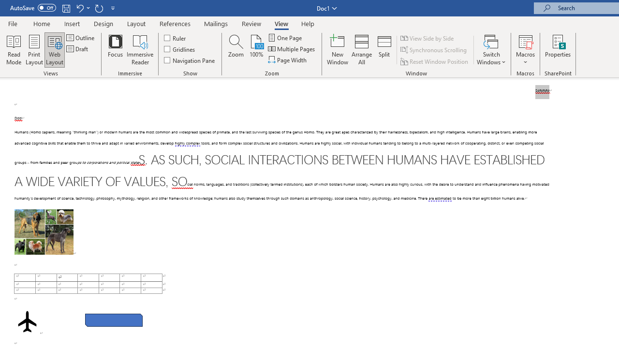  I want to click on 'Synchronous Scrolling', so click(434, 50).